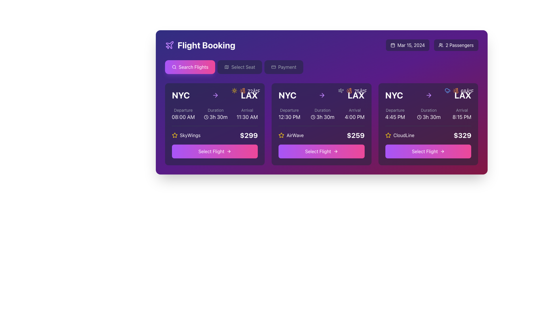 The image size is (553, 311). I want to click on the text display that shows the departure time of the selected flight, located in the leftmost card above the flight duration and arrival time details, so click(183, 114).